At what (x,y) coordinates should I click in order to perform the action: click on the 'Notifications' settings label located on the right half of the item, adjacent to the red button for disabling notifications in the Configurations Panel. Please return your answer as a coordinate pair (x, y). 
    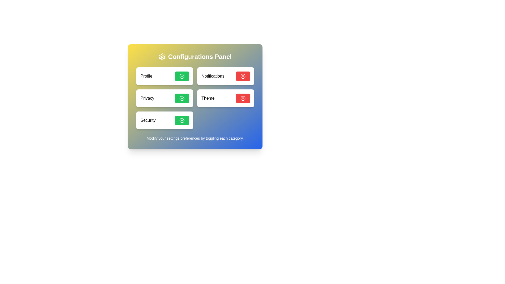
    Looking at the image, I should click on (213, 76).